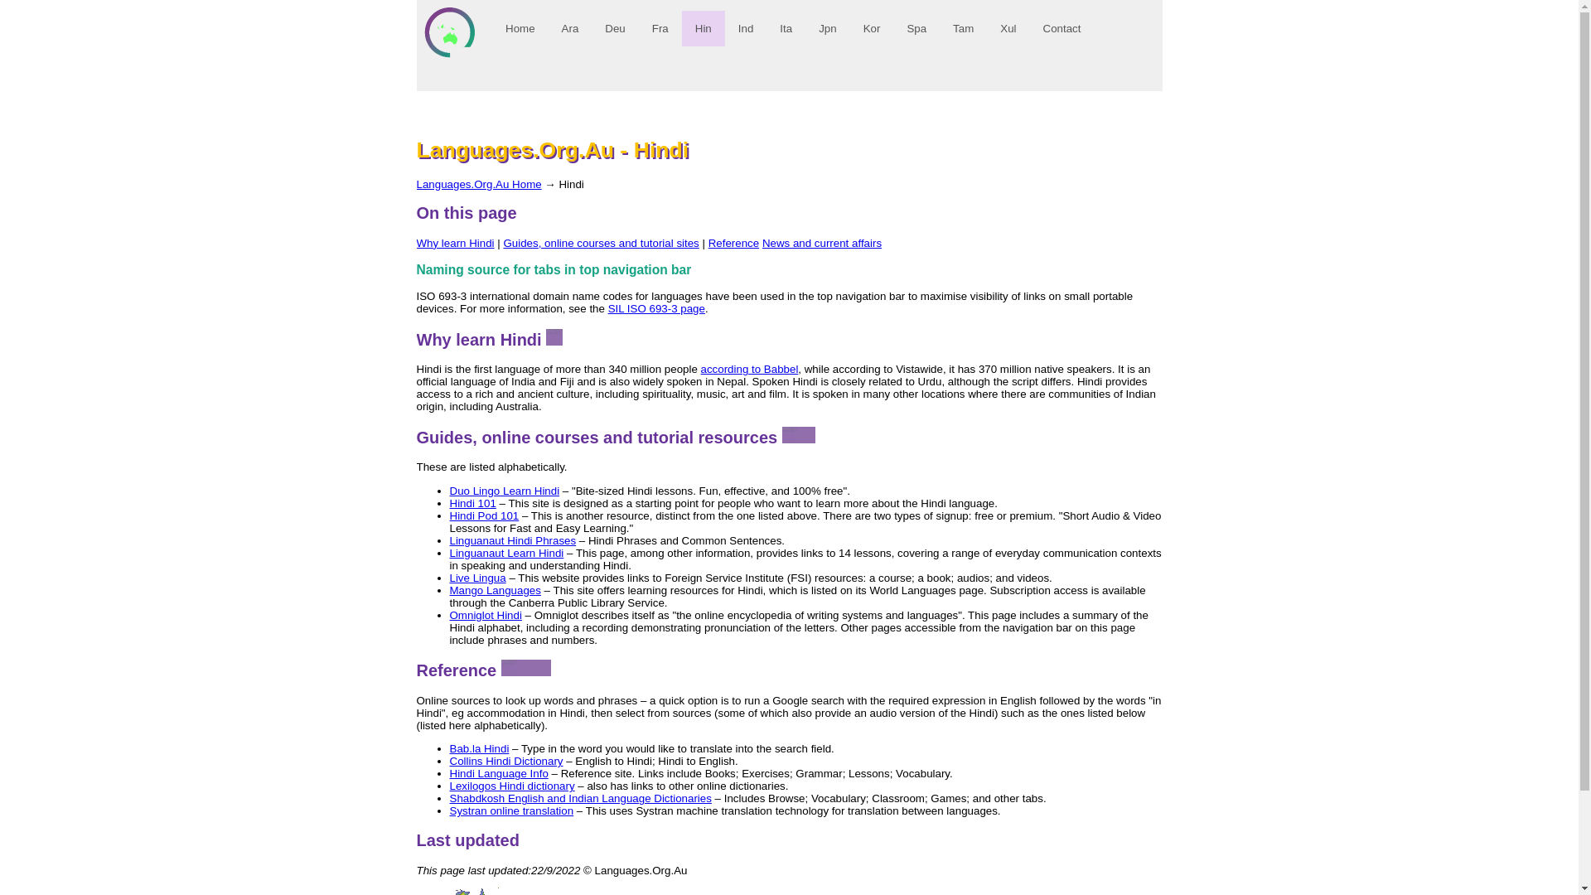 This screenshot has height=895, width=1591. I want to click on 'Linguanaut Learn Hindi', so click(505, 553).